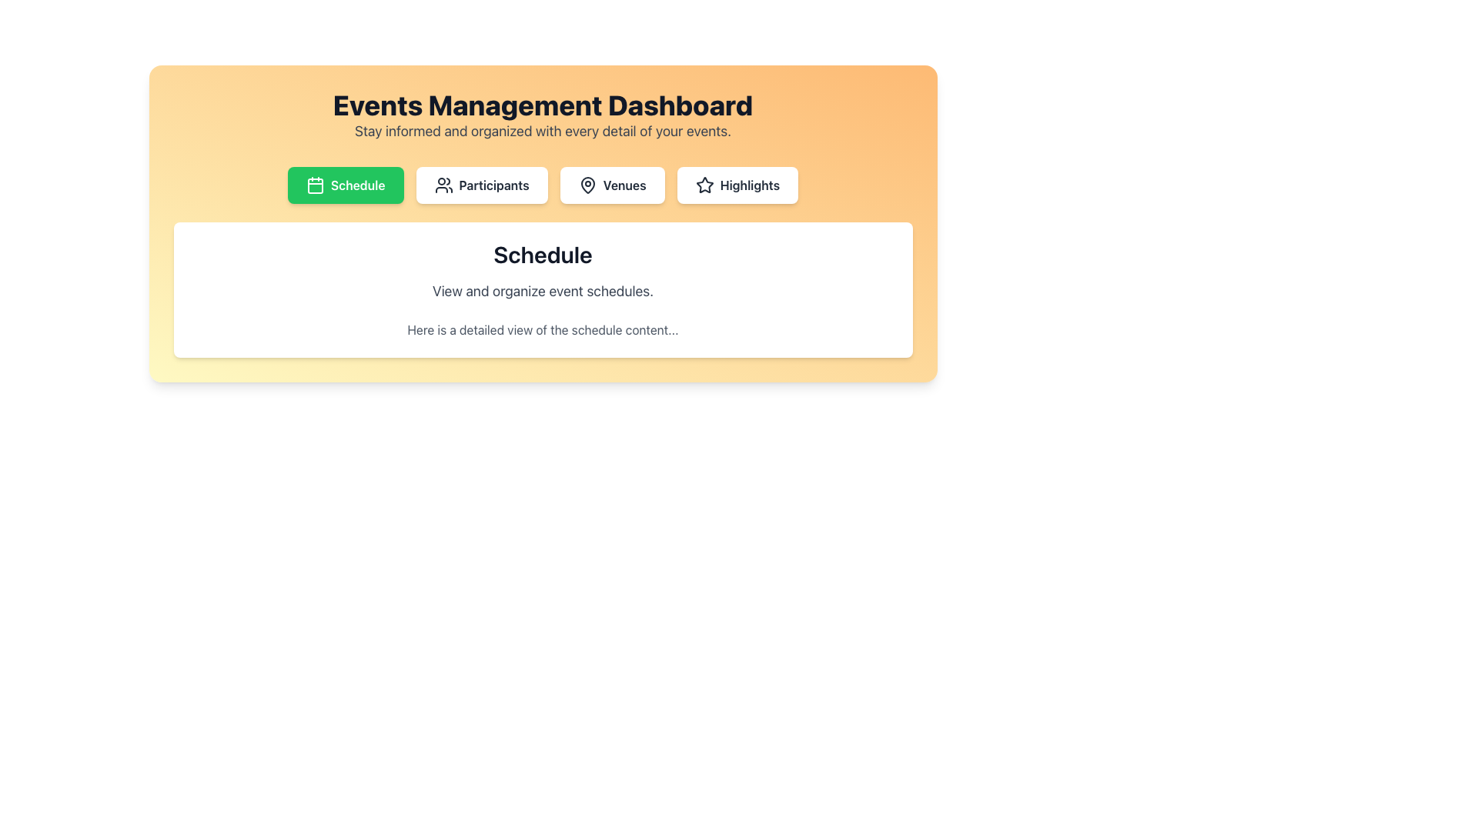 The image size is (1478, 831). Describe the element at coordinates (314, 184) in the screenshot. I see `the rectangular calendar icon inside the green 'Schedule' button, which is the leftmost item in the row of buttons at the top section of the interface` at that location.